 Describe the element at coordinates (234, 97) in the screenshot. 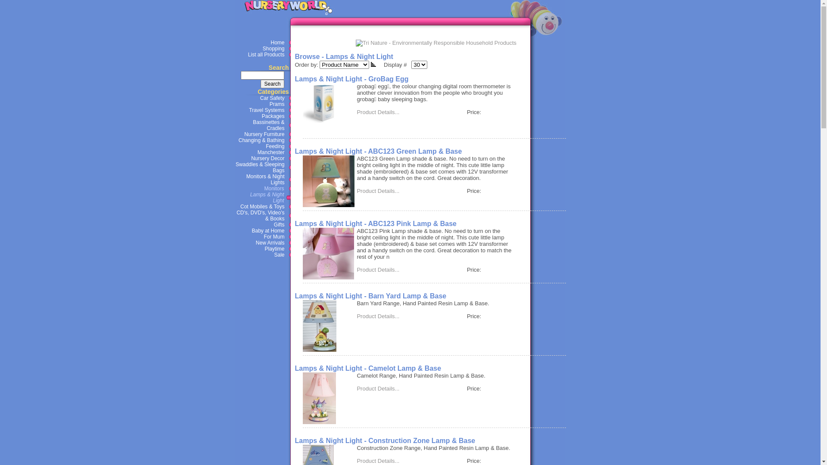

I see `'Car Safety'` at that location.